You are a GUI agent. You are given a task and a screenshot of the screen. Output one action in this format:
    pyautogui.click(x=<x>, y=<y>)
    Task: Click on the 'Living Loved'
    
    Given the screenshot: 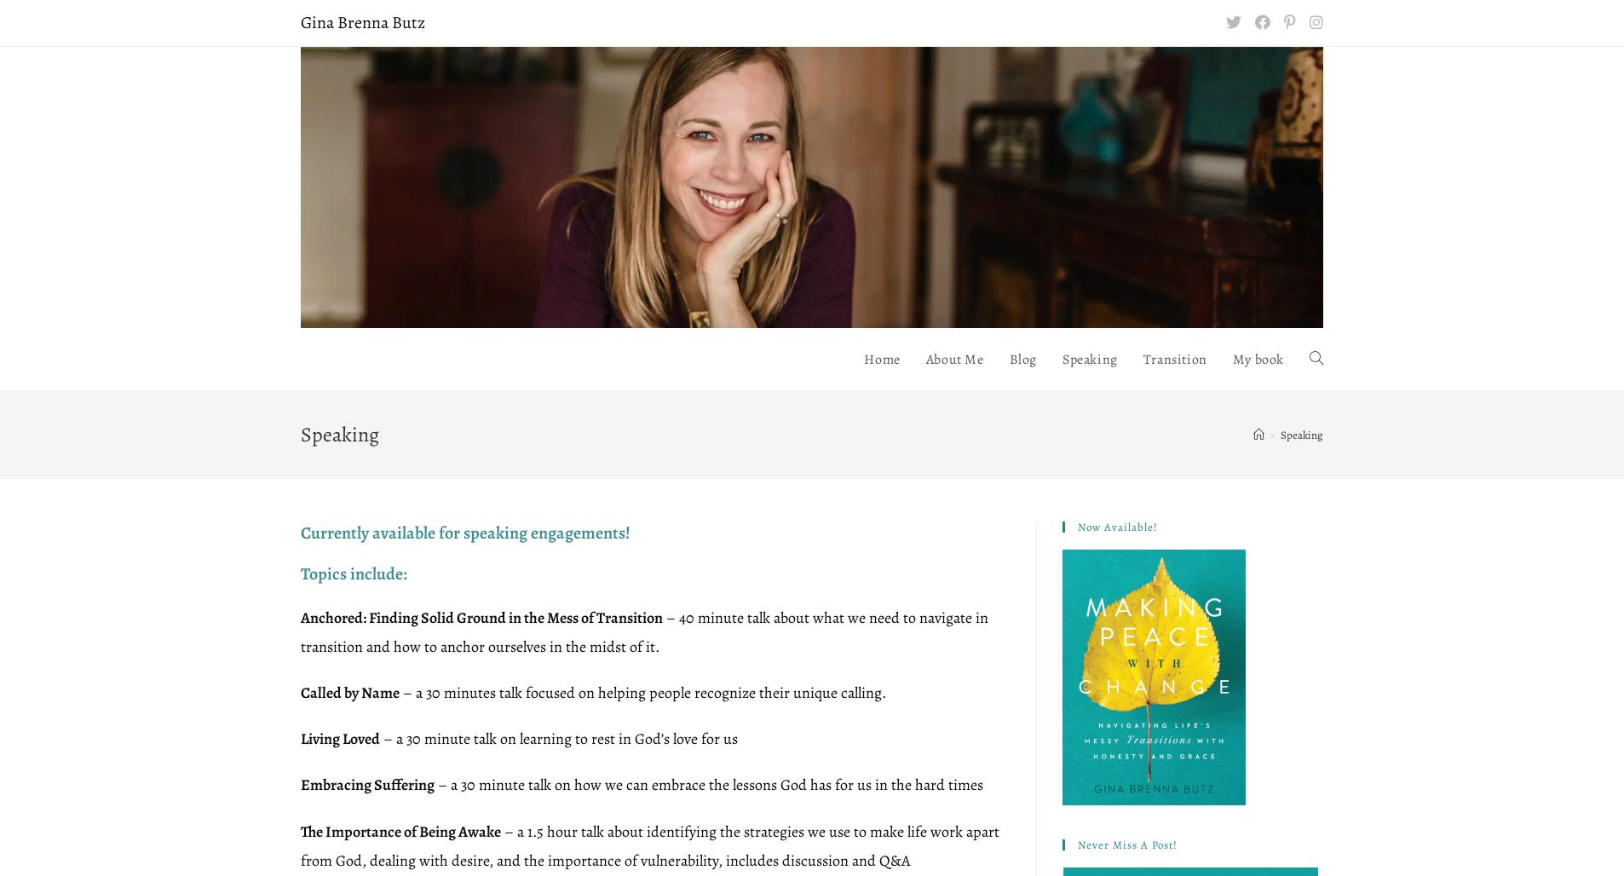 What is the action you would take?
    pyautogui.click(x=339, y=738)
    